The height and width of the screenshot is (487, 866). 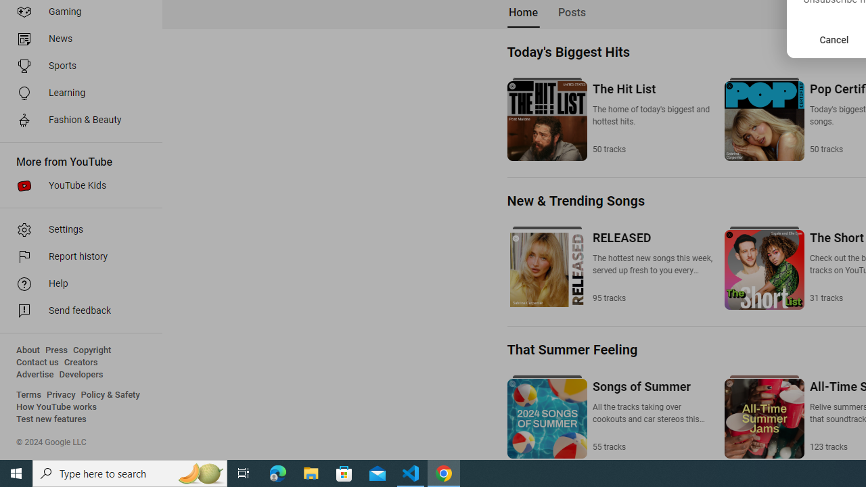 What do you see at coordinates (568, 51) in the screenshot?
I see `'Today'` at bounding box center [568, 51].